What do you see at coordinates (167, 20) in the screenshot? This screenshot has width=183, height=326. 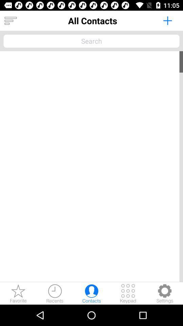 I see `app to the right of all contacts` at bounding box center [167, 20].